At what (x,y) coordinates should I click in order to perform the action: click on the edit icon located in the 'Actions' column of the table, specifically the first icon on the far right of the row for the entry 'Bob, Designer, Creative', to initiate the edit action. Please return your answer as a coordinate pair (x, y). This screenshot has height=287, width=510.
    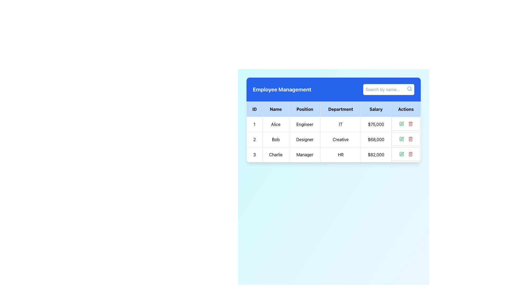
    Looking at the image, I should click on (402, 138).